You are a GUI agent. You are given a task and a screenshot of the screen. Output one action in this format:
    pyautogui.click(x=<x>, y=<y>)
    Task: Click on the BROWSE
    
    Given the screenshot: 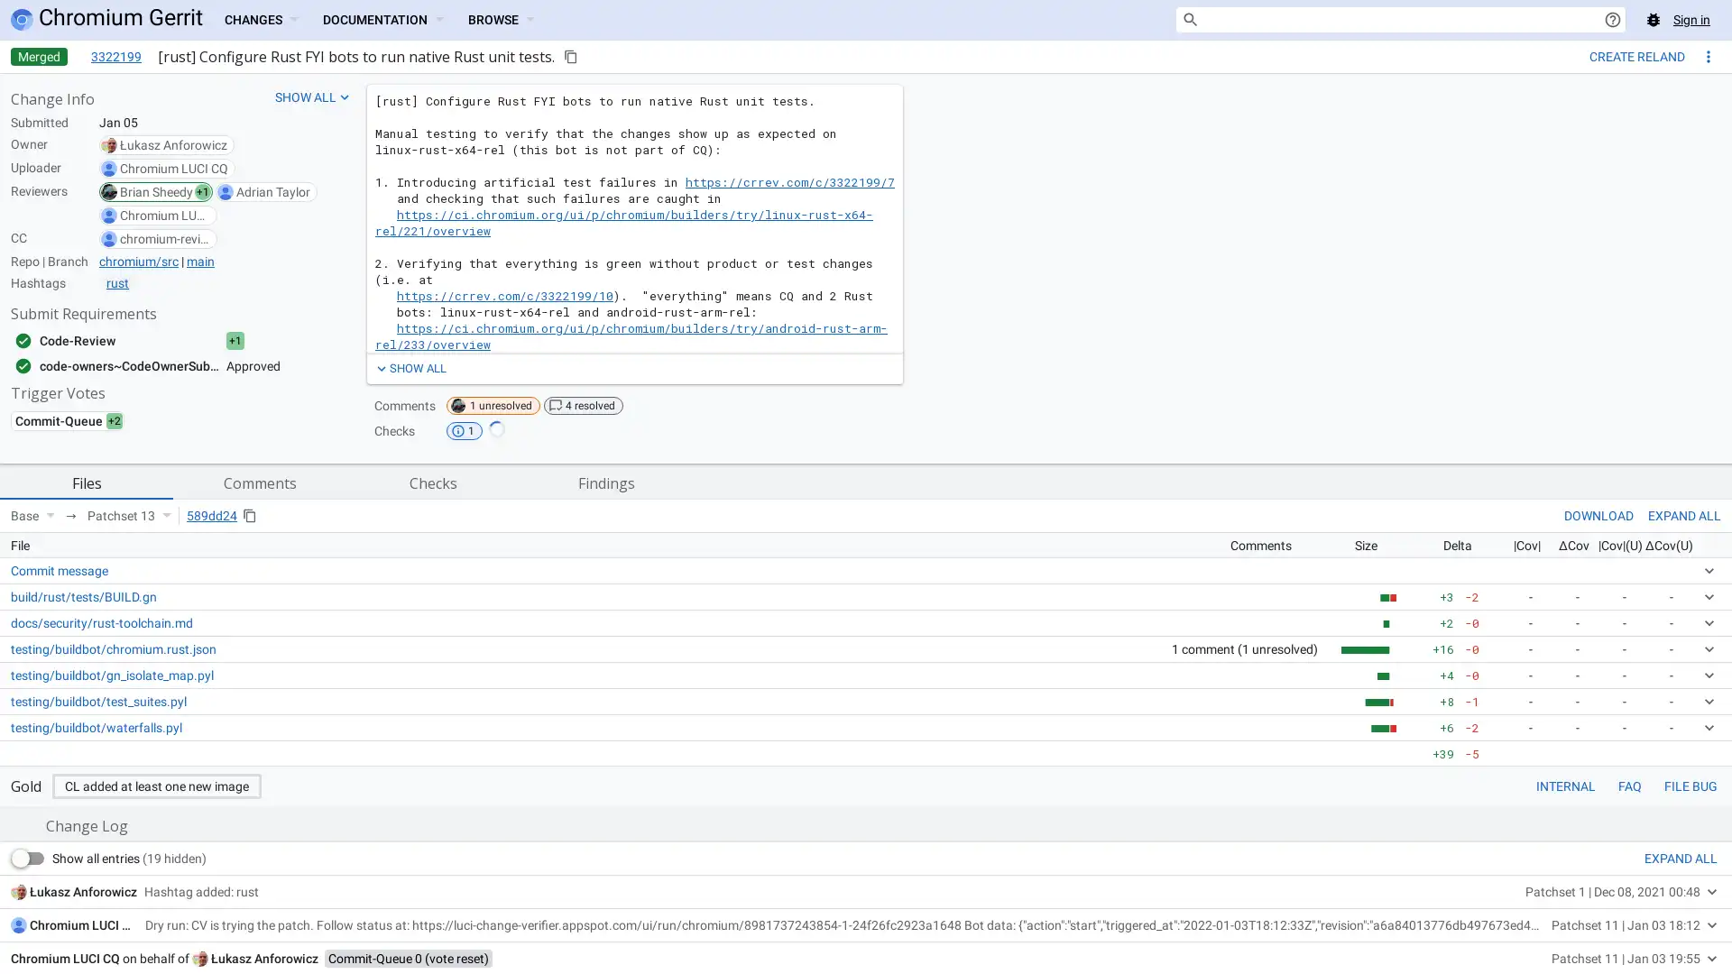 What is the action you would take?
    pyautogui.click(x=501, y=20)
    